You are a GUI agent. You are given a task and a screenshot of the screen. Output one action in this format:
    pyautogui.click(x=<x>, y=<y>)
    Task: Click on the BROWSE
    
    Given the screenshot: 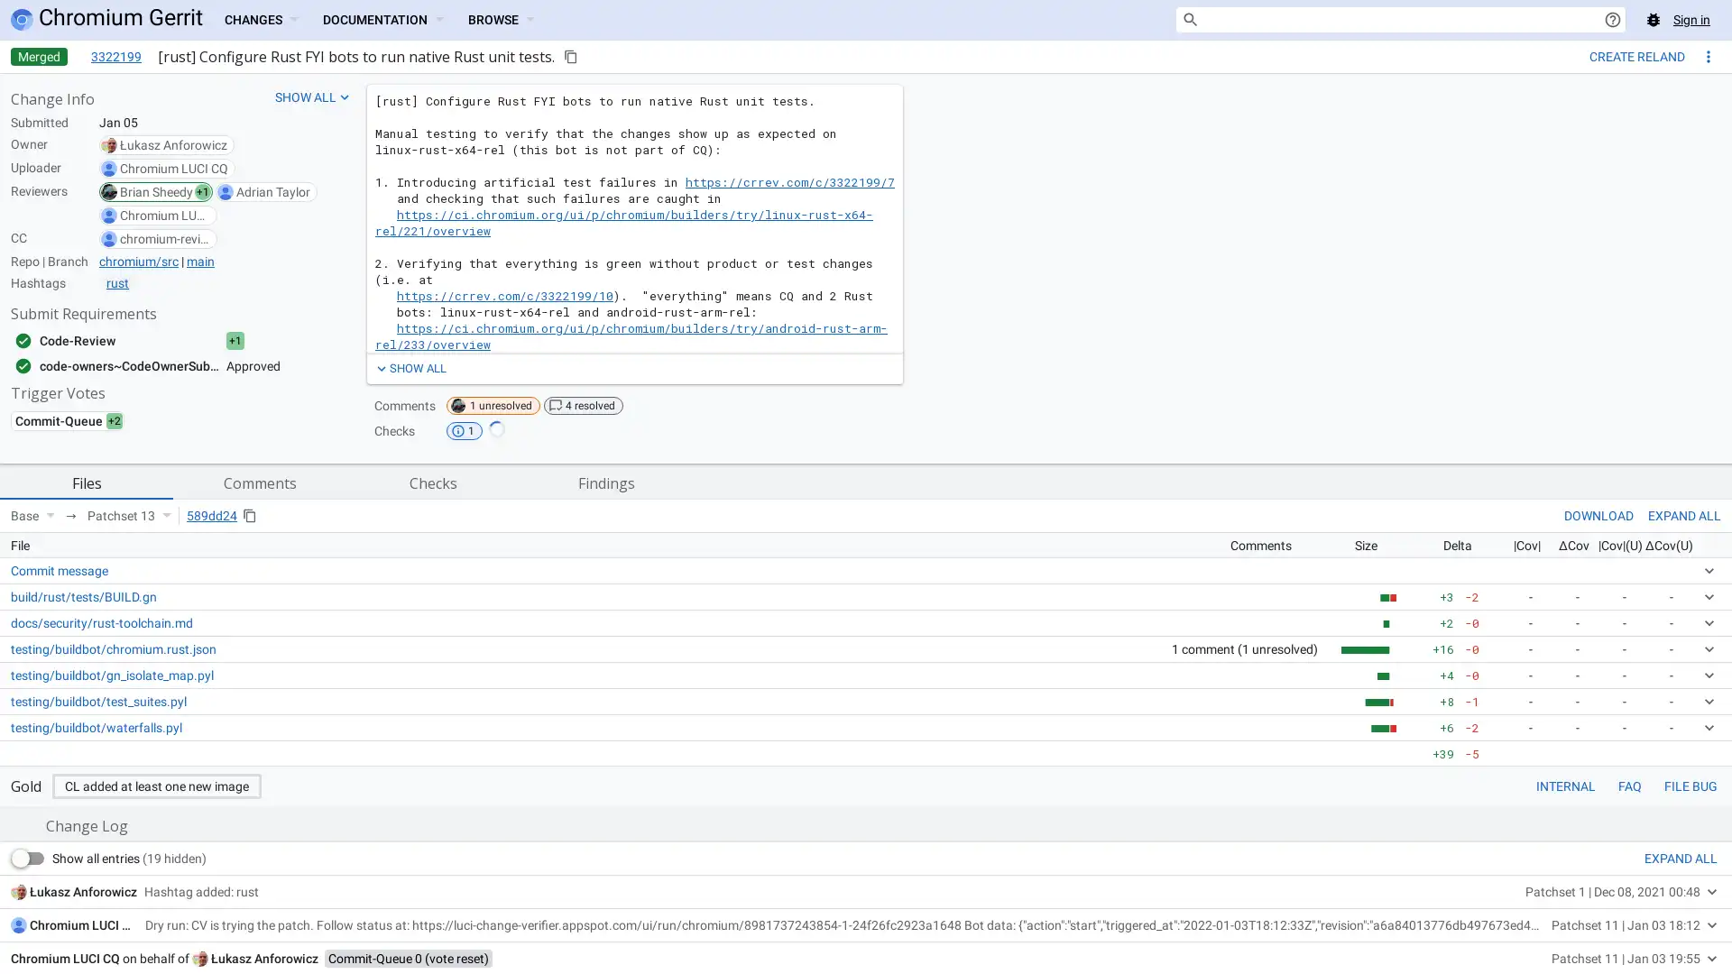 What is the action you would take?
    pyautogui.click(x=501, y=20)
    